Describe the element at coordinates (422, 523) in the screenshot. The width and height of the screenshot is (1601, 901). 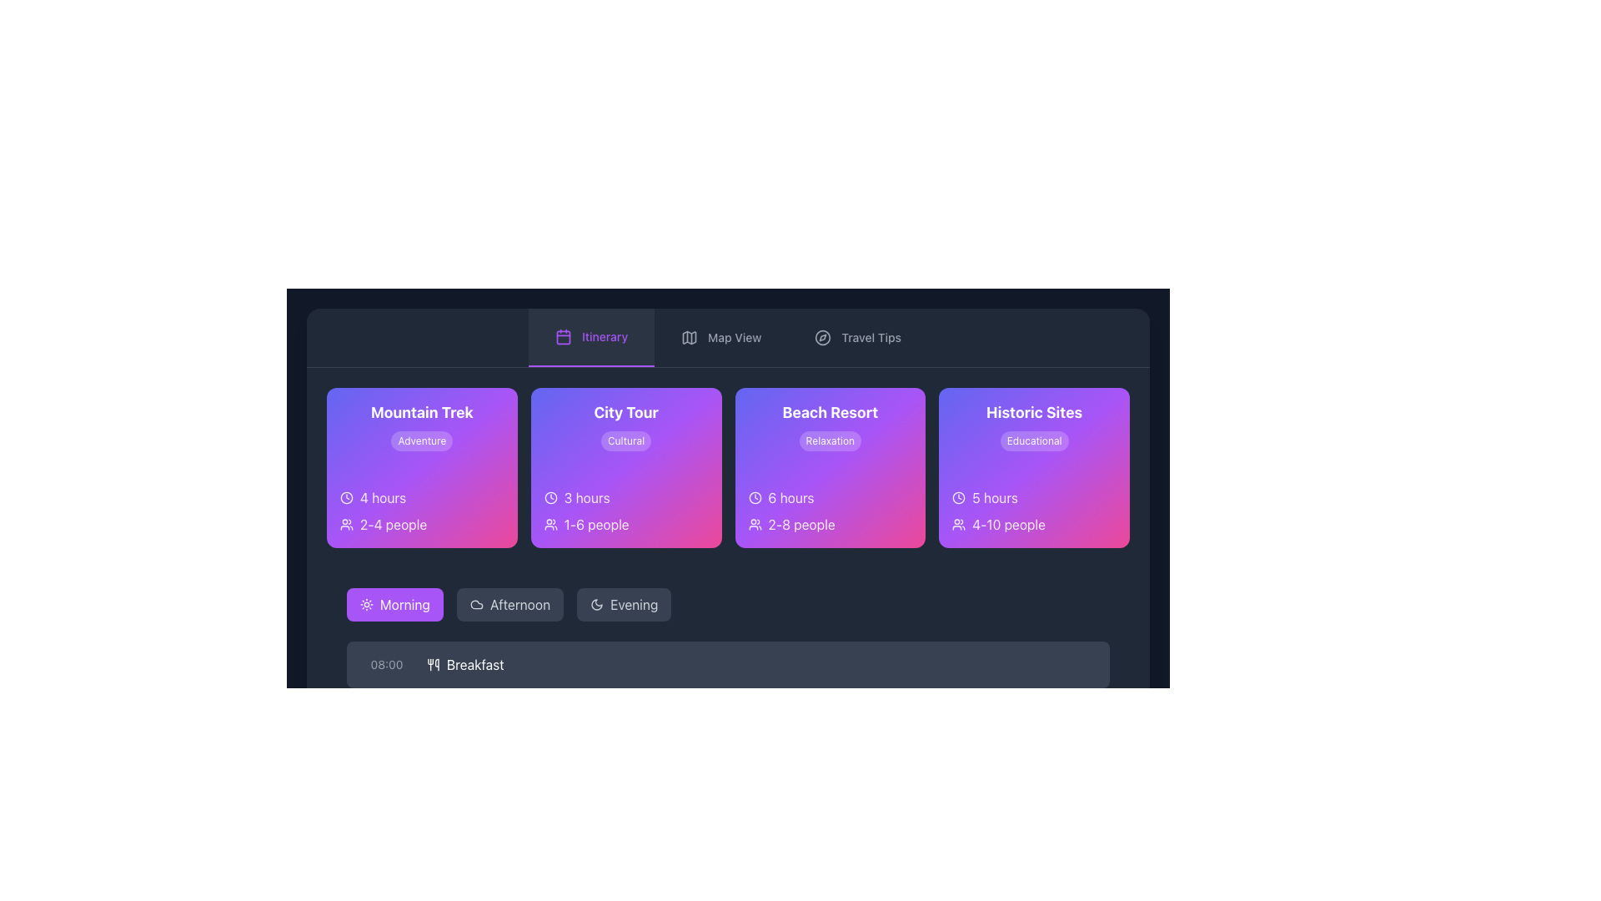
I see `the '2-4 people' text label with icon located at the bottom of the 'Mountain Trek' card, which displays the number of participants` at that location.